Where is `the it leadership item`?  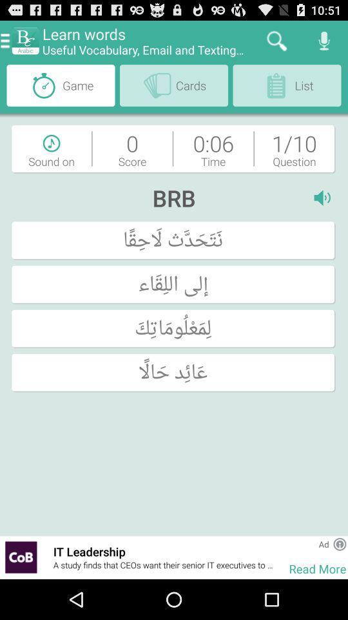 the it leadership item is located at coordinates (164, 551).